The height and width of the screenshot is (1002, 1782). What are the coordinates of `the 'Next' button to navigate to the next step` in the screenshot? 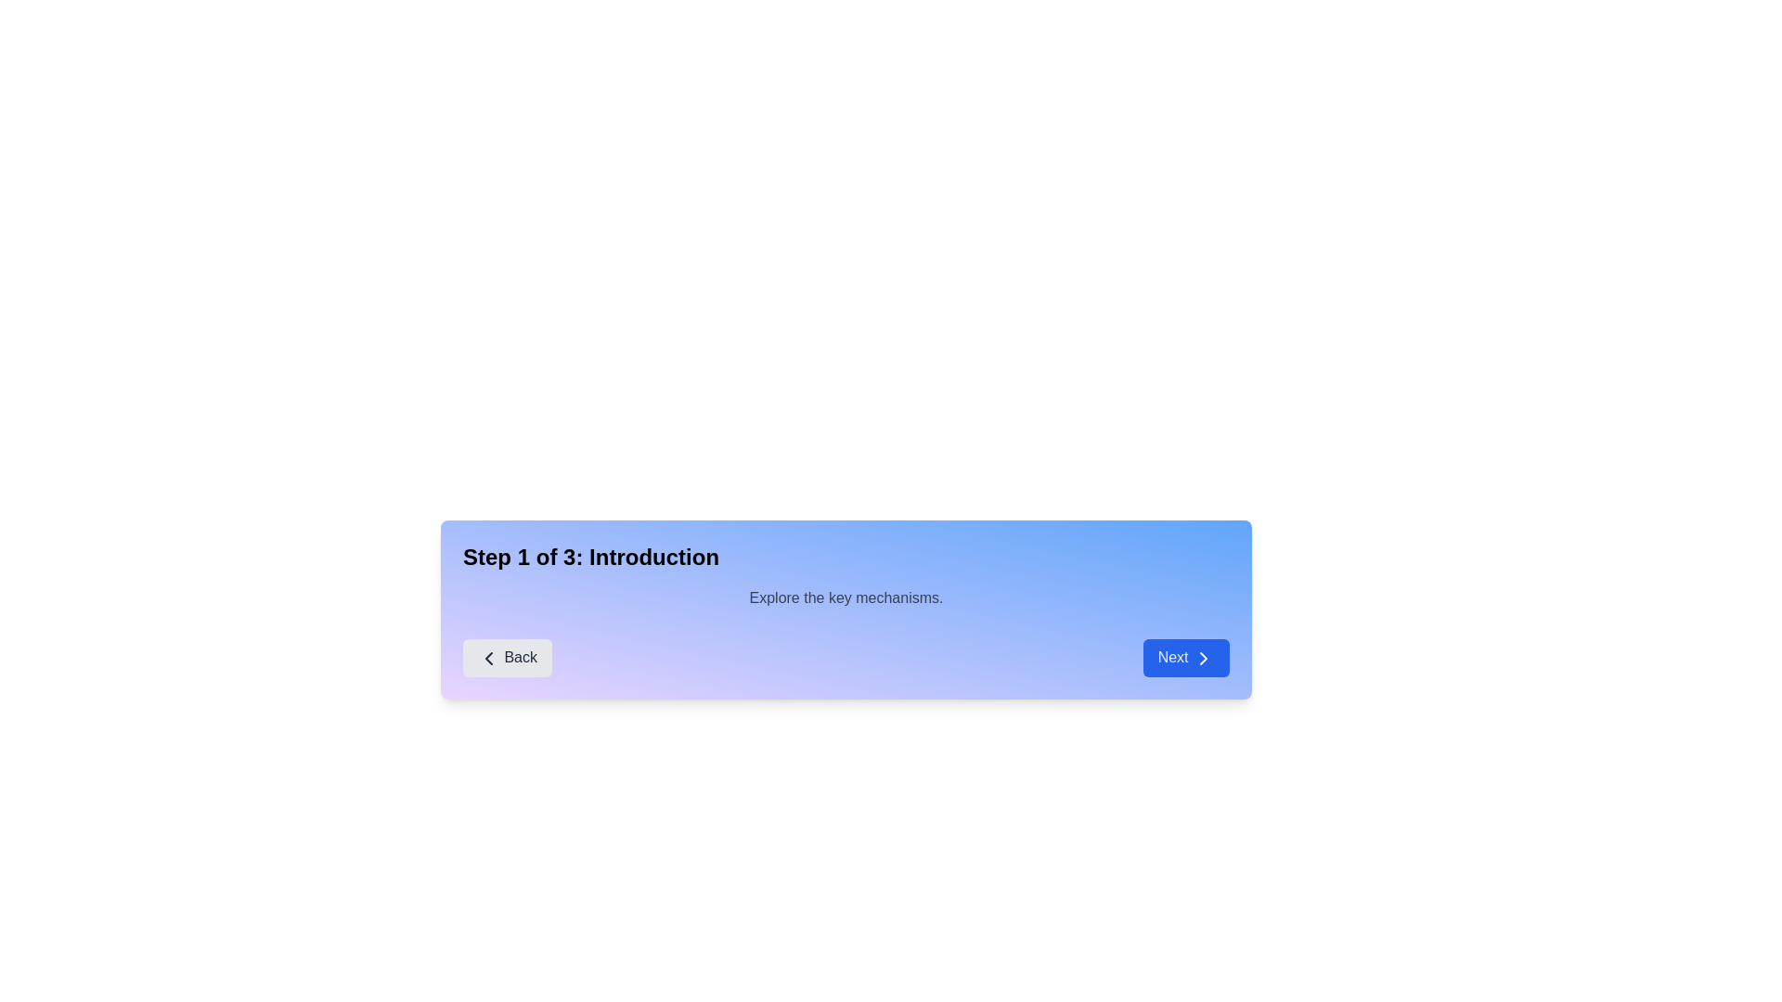 It's located at (1184, 657).